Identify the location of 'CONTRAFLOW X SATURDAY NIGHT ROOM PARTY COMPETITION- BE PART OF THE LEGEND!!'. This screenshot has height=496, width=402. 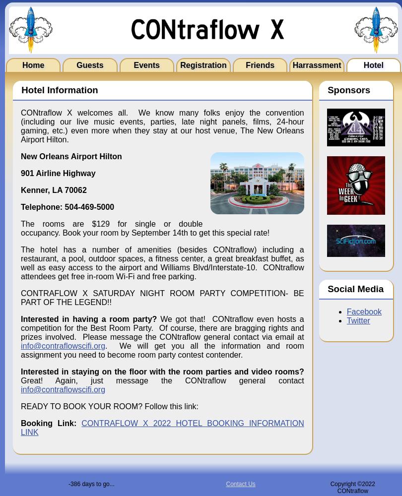
(161, 297).